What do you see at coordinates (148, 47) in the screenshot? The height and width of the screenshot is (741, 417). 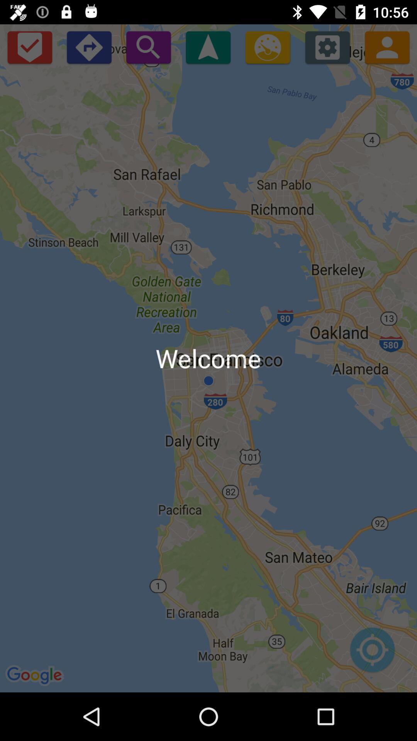 I see `the search icon` at bounding box center [148, 47].